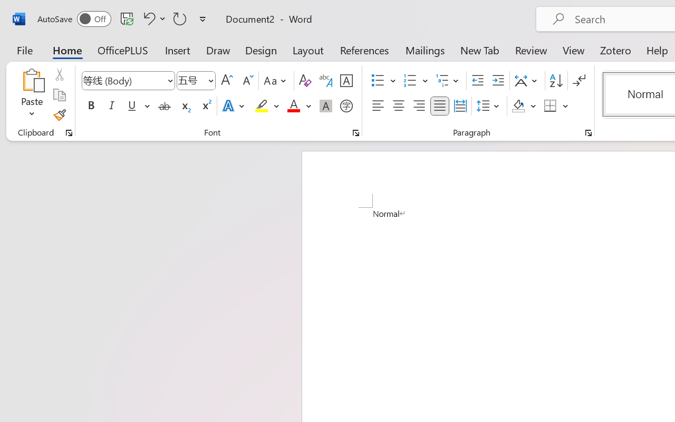  I want to click on 'Bullets', so click(378, 81).